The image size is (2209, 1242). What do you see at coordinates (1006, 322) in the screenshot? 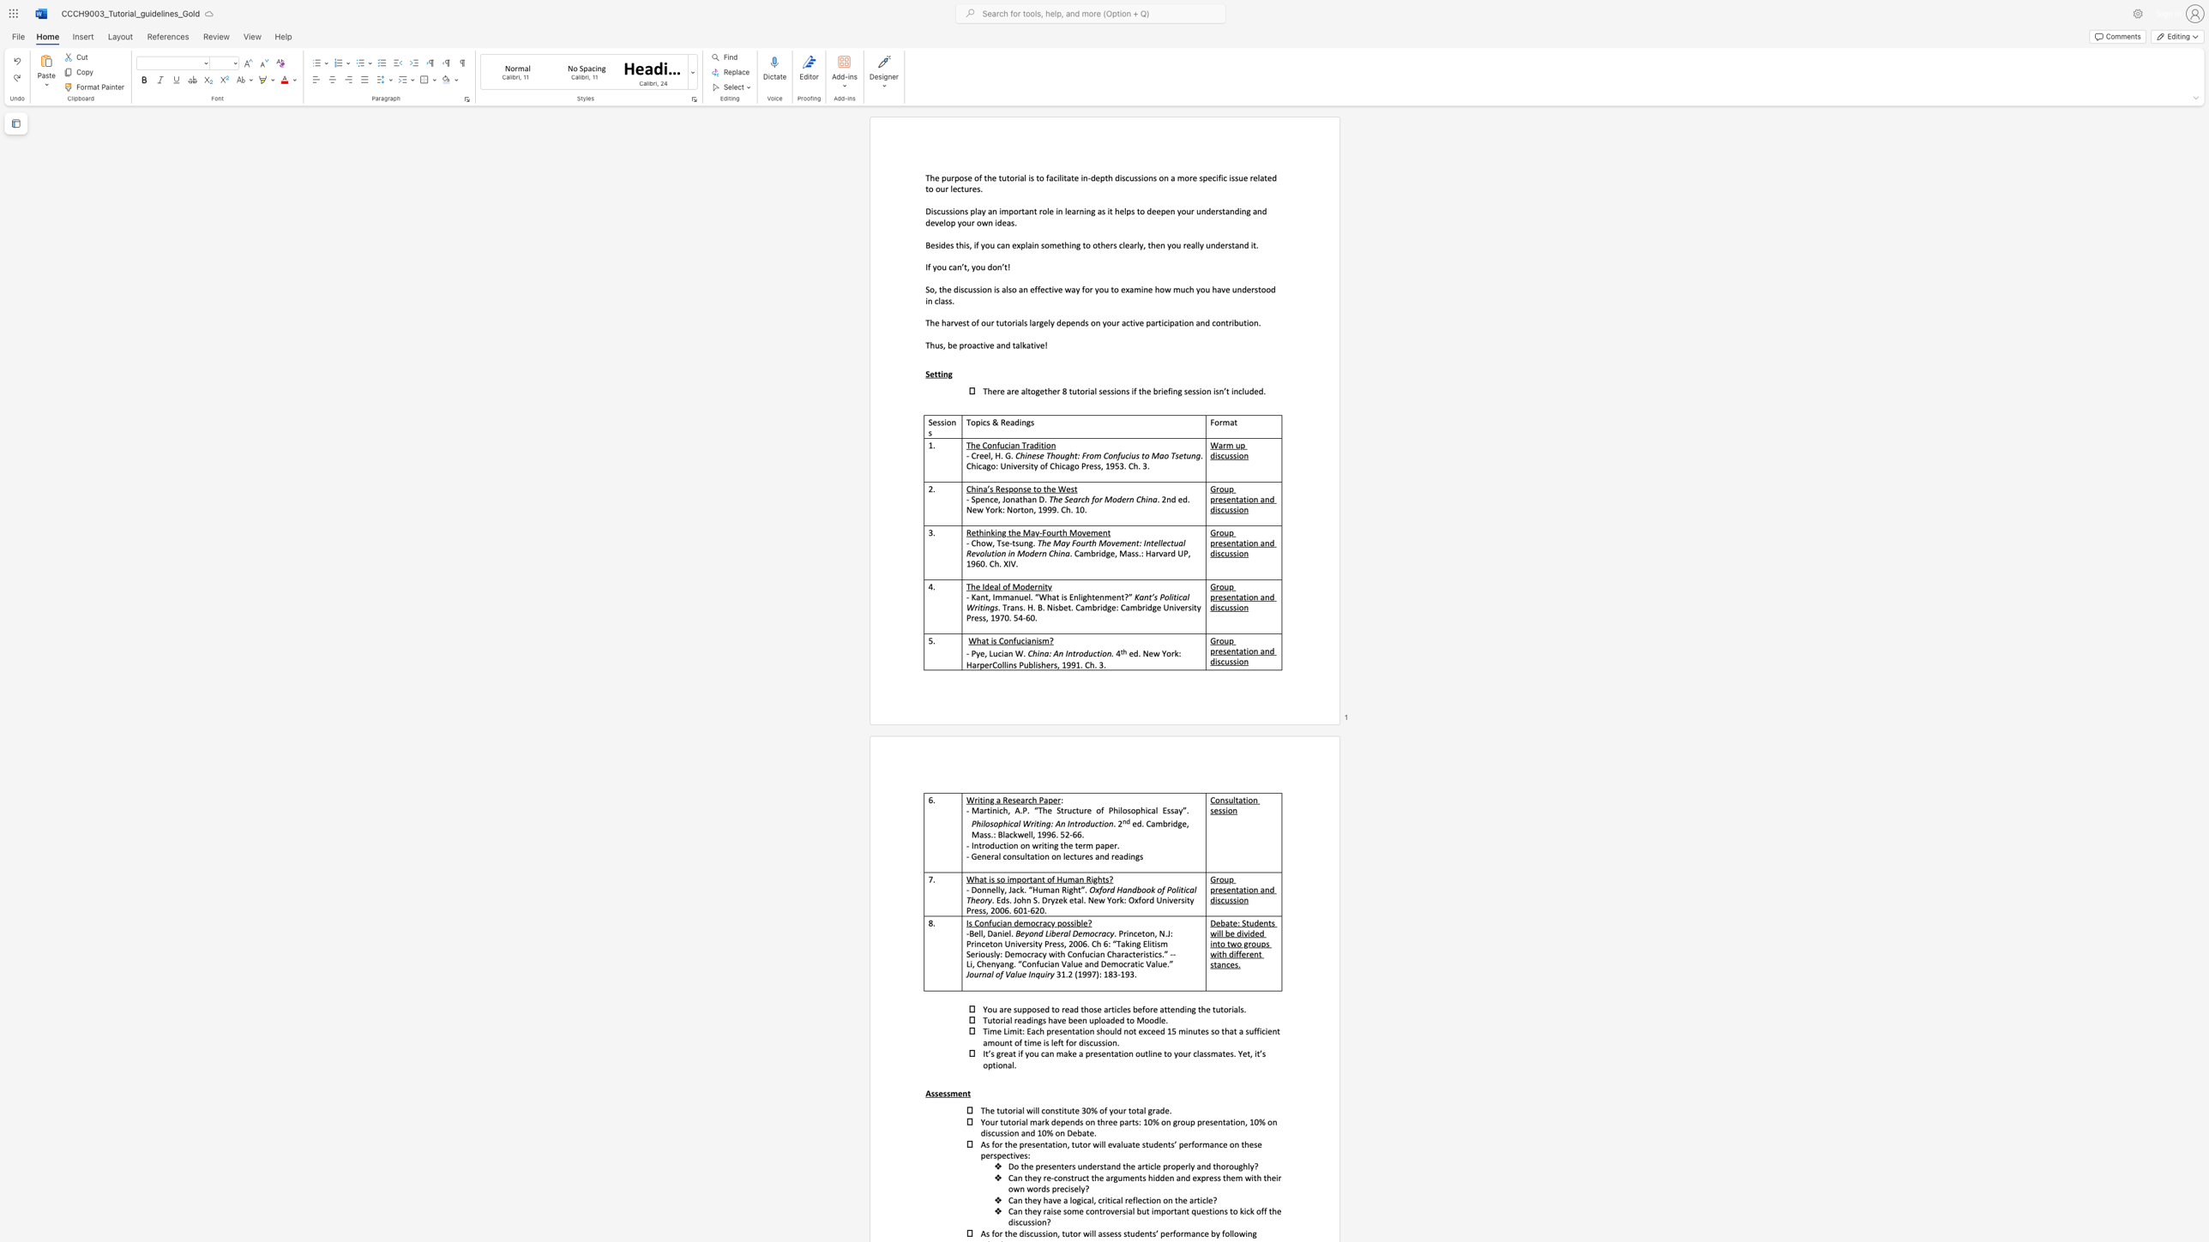
I see `the subset text "or" within the text "The harvest of our tutorials largely depends on your active participation and contribution."` at bounding box center [1006, 322].